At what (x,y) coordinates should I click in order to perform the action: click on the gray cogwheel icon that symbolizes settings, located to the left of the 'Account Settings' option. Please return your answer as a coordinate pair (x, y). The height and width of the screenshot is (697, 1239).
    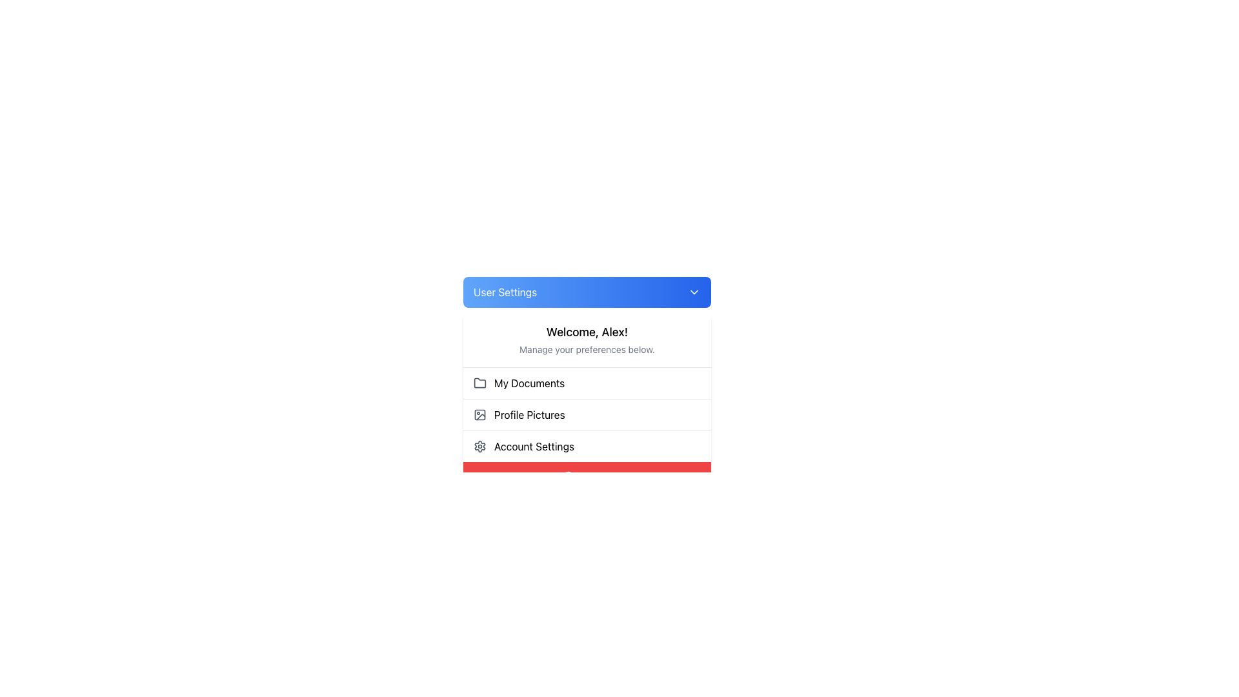
    Looking at the image, I should click on (479, 445).